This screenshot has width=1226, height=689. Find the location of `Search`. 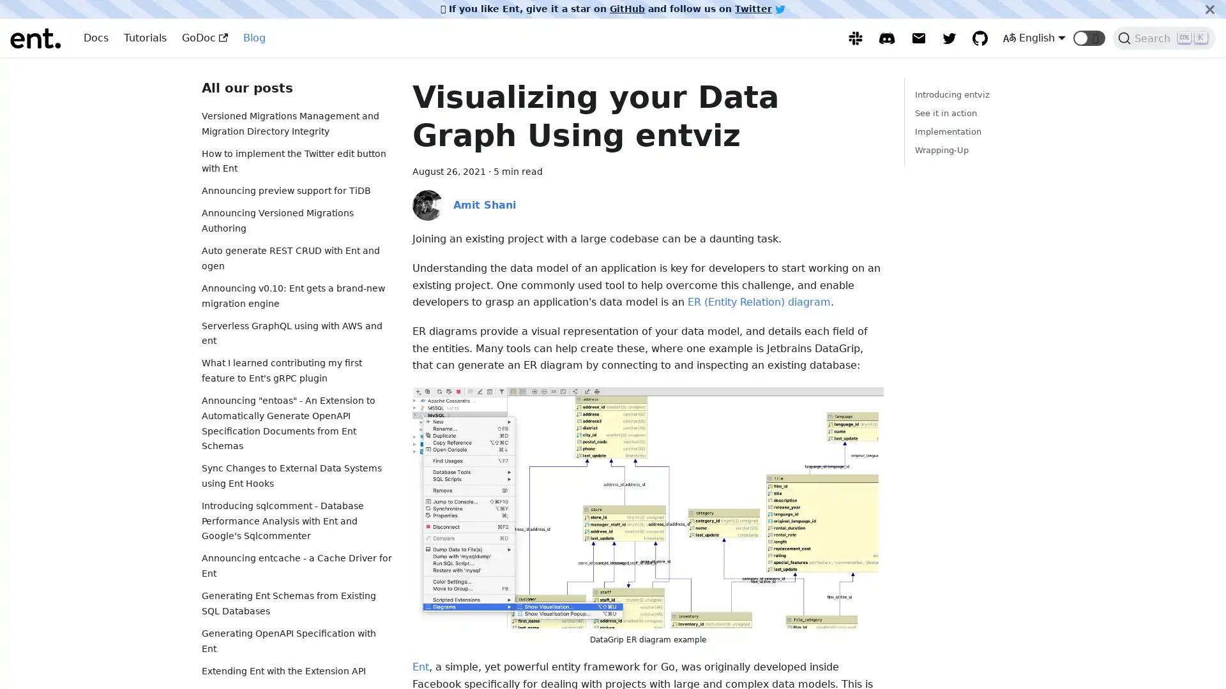

Search is located at coordinates (1164, 38).